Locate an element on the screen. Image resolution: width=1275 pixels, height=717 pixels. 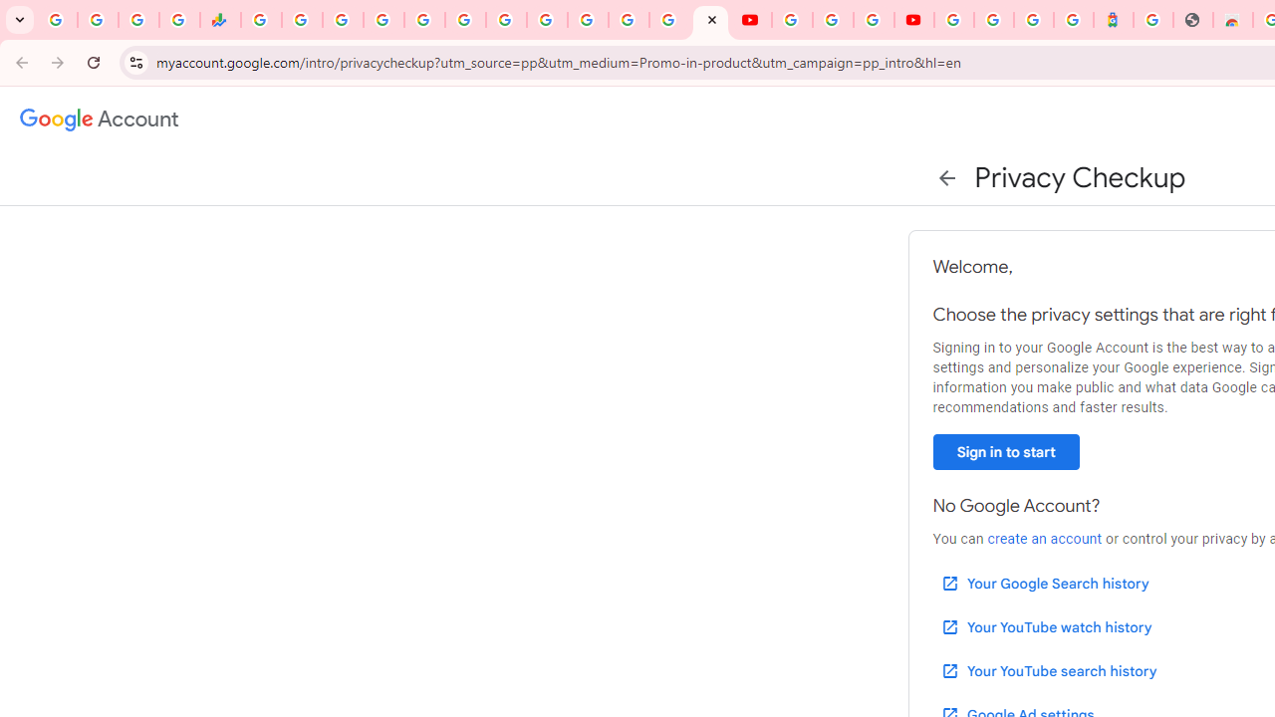
'Privacy Checkup' is located at coordinates (709, 20).